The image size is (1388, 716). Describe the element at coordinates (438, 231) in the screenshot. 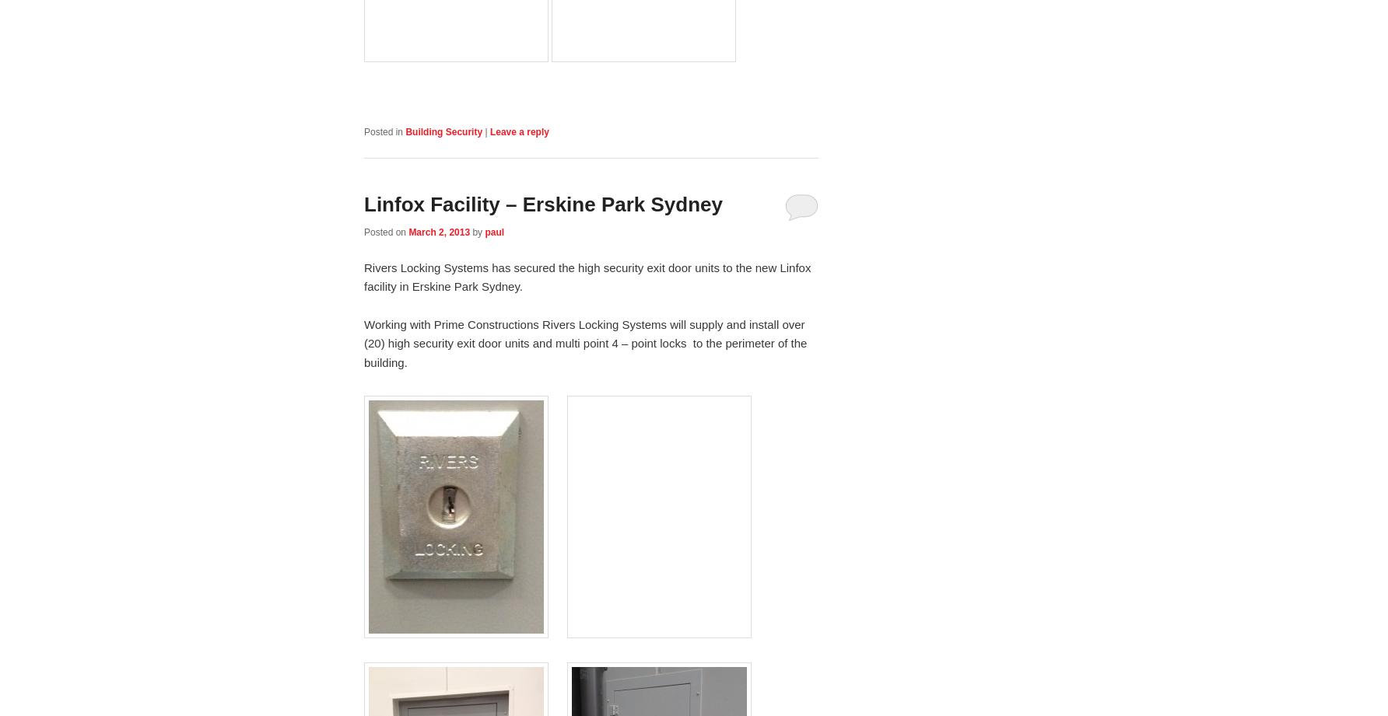

I see `'March 2, 2013'` at that location.